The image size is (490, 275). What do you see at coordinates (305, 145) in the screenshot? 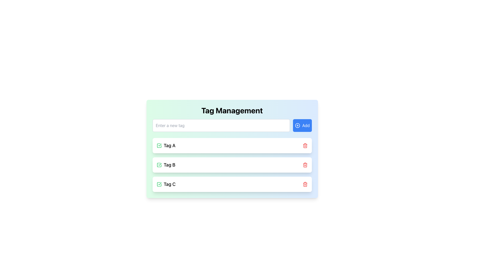
I see `the small red trash icon button located in the rightmost part of the row containing the 'Tag A' label` at bounding box center [305, 145].